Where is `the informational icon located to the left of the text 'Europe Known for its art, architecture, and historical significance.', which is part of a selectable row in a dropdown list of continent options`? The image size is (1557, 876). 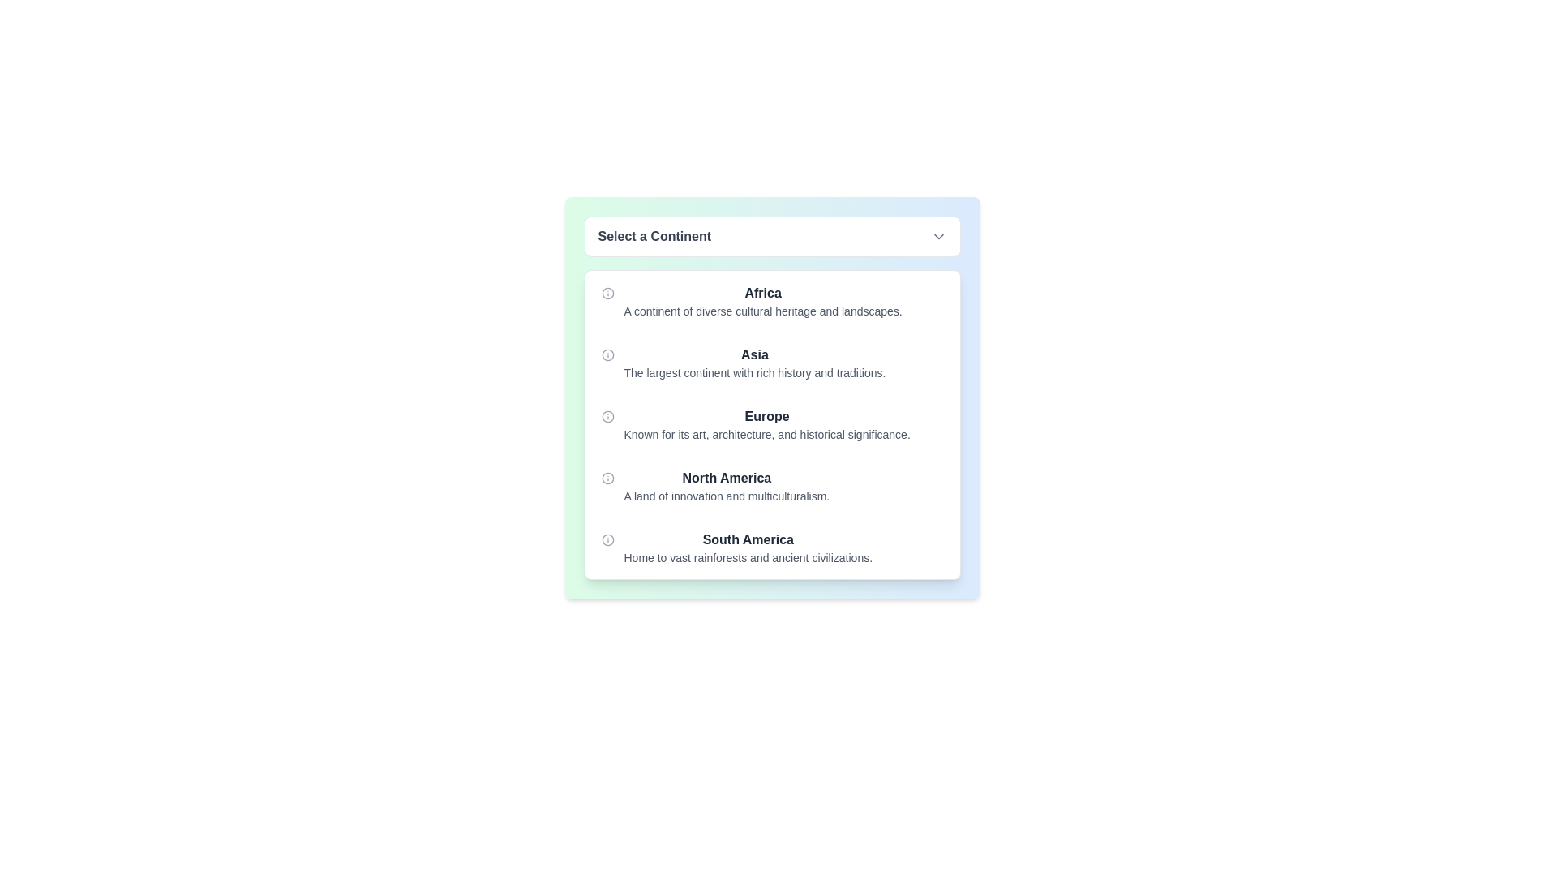
the informational icon located to the left of the text 'Europe Known for its art, architecture, and historical significance.', which is part of a selectable row in a dropdown list of continent options is located at coordinates (607, 415).